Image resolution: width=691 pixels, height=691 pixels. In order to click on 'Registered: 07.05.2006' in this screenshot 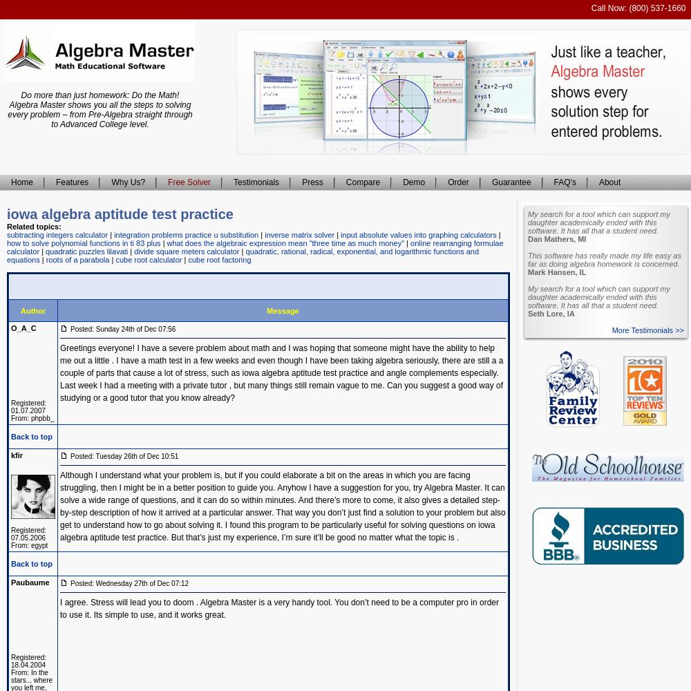, I will do `click(28, 534)`.